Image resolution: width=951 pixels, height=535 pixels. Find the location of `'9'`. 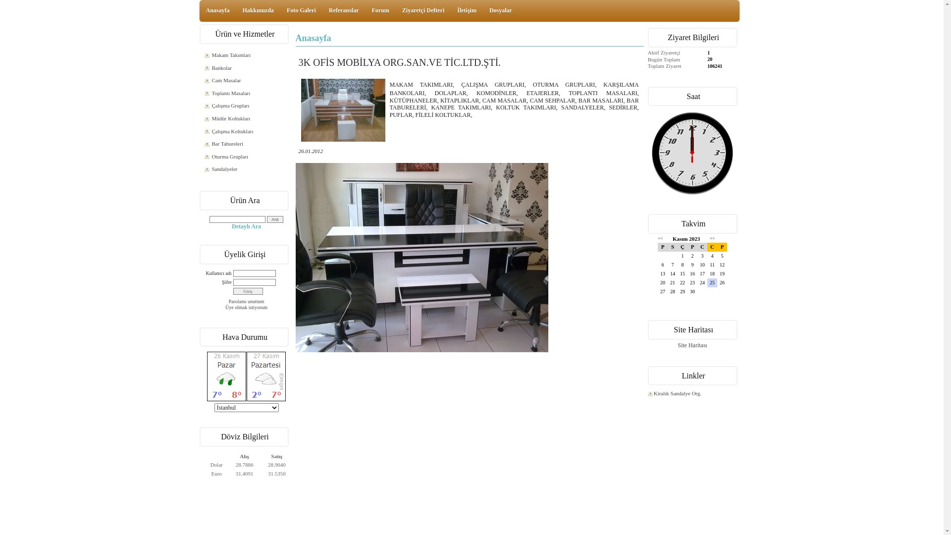

'9' is located at coordinates (687, 265).